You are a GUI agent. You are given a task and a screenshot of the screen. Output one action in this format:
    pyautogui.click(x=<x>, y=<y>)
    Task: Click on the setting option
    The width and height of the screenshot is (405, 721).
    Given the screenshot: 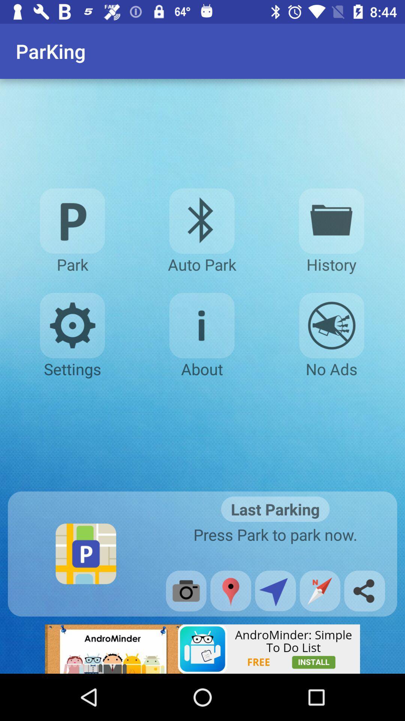 What is the action you would take?
    pyautogui.click(x=72, y=326)
    